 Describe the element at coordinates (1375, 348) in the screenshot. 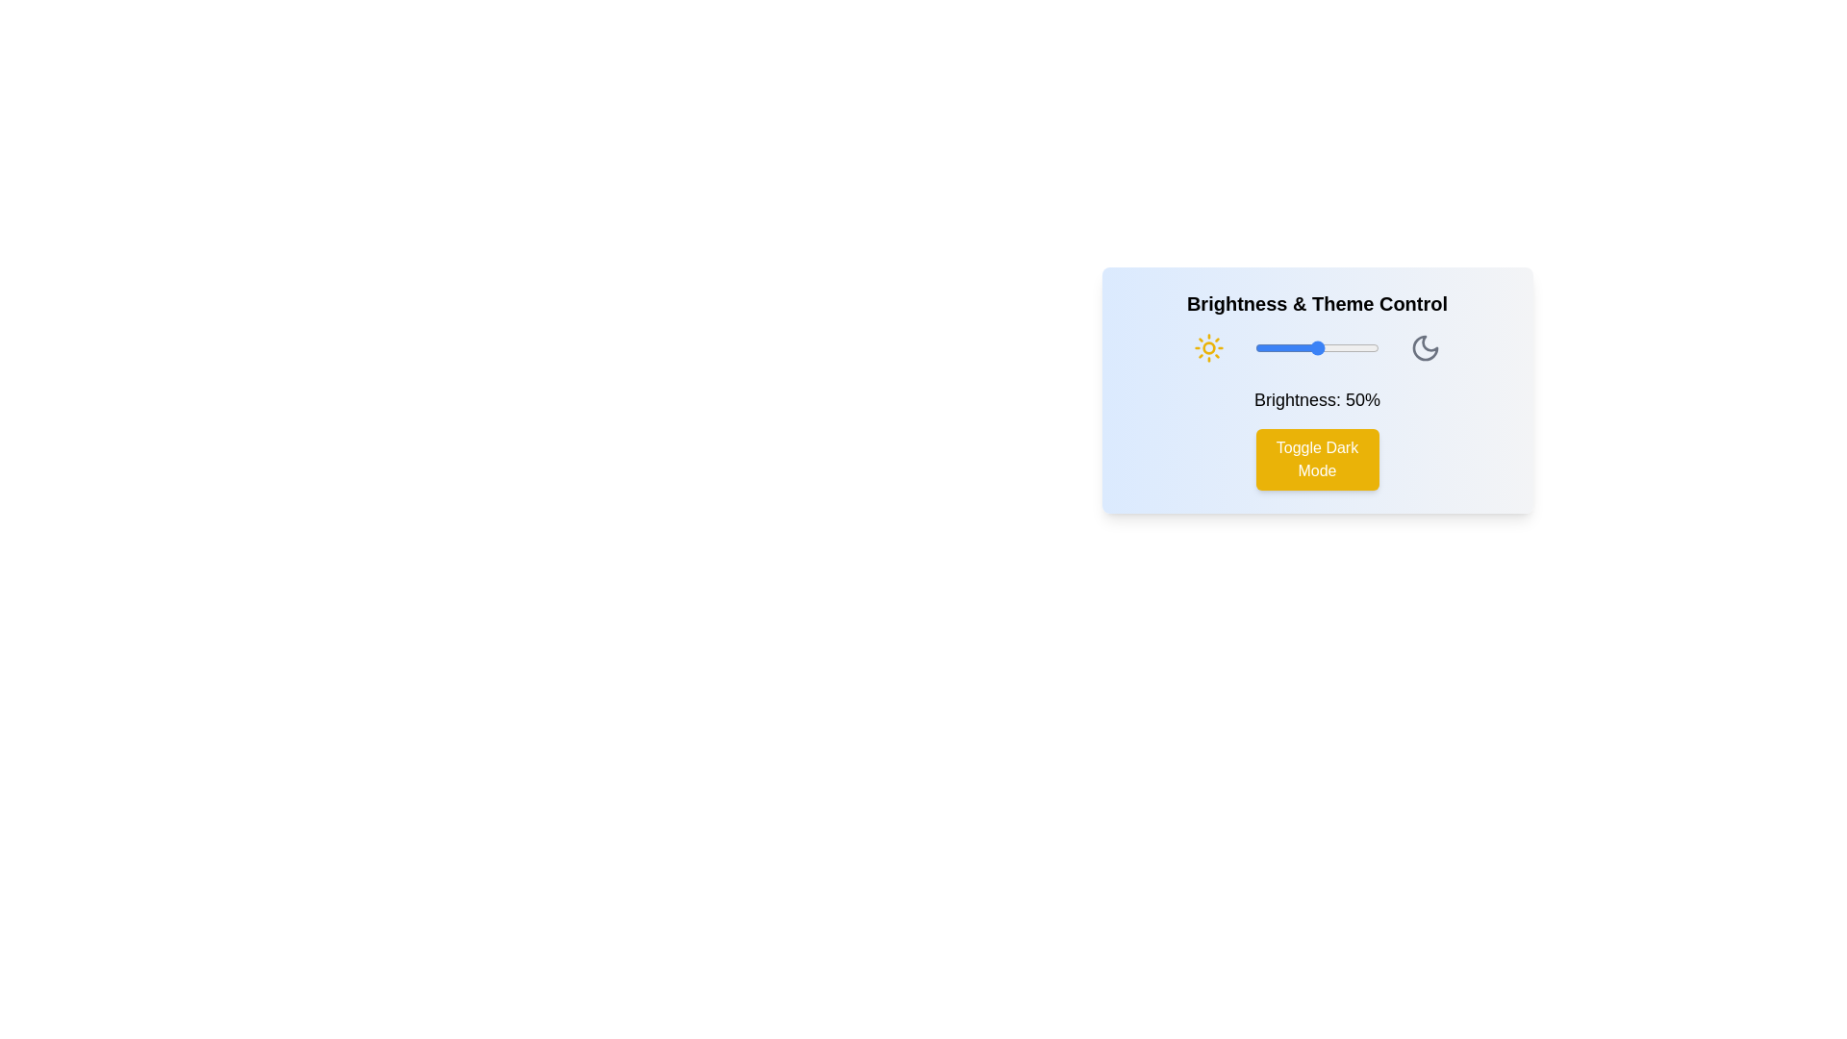

I see `the brightness level to 97% by dragging the slider` at that location.